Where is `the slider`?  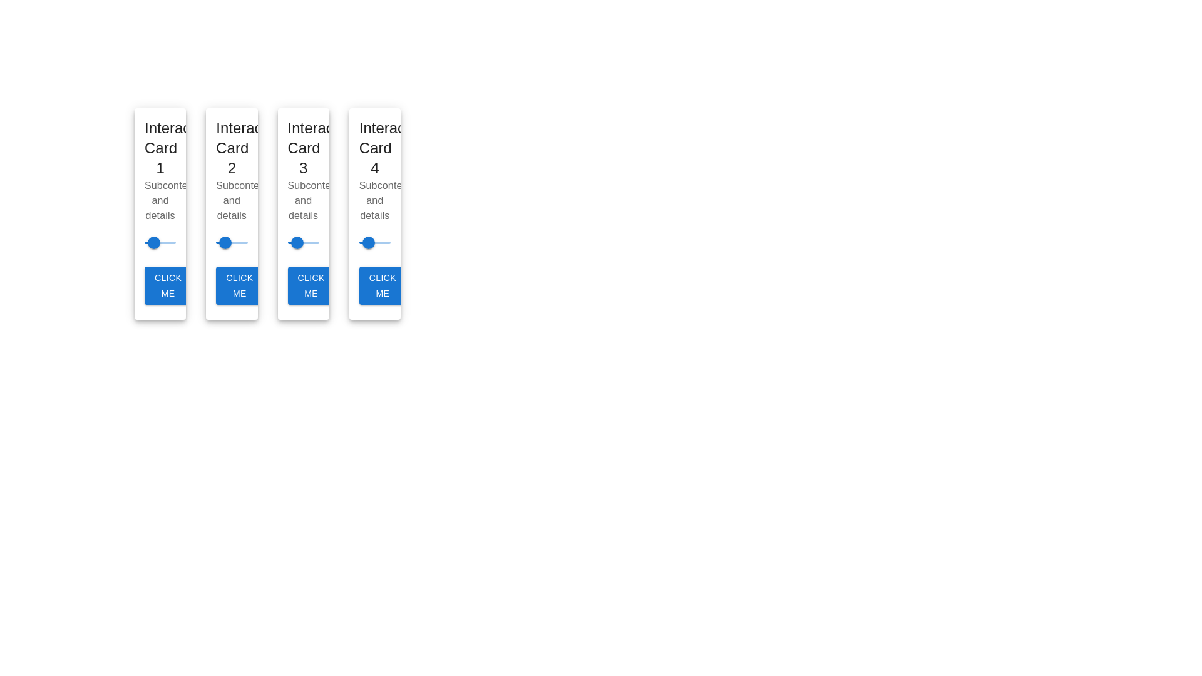
the slider is located at coordinates (152, 243).